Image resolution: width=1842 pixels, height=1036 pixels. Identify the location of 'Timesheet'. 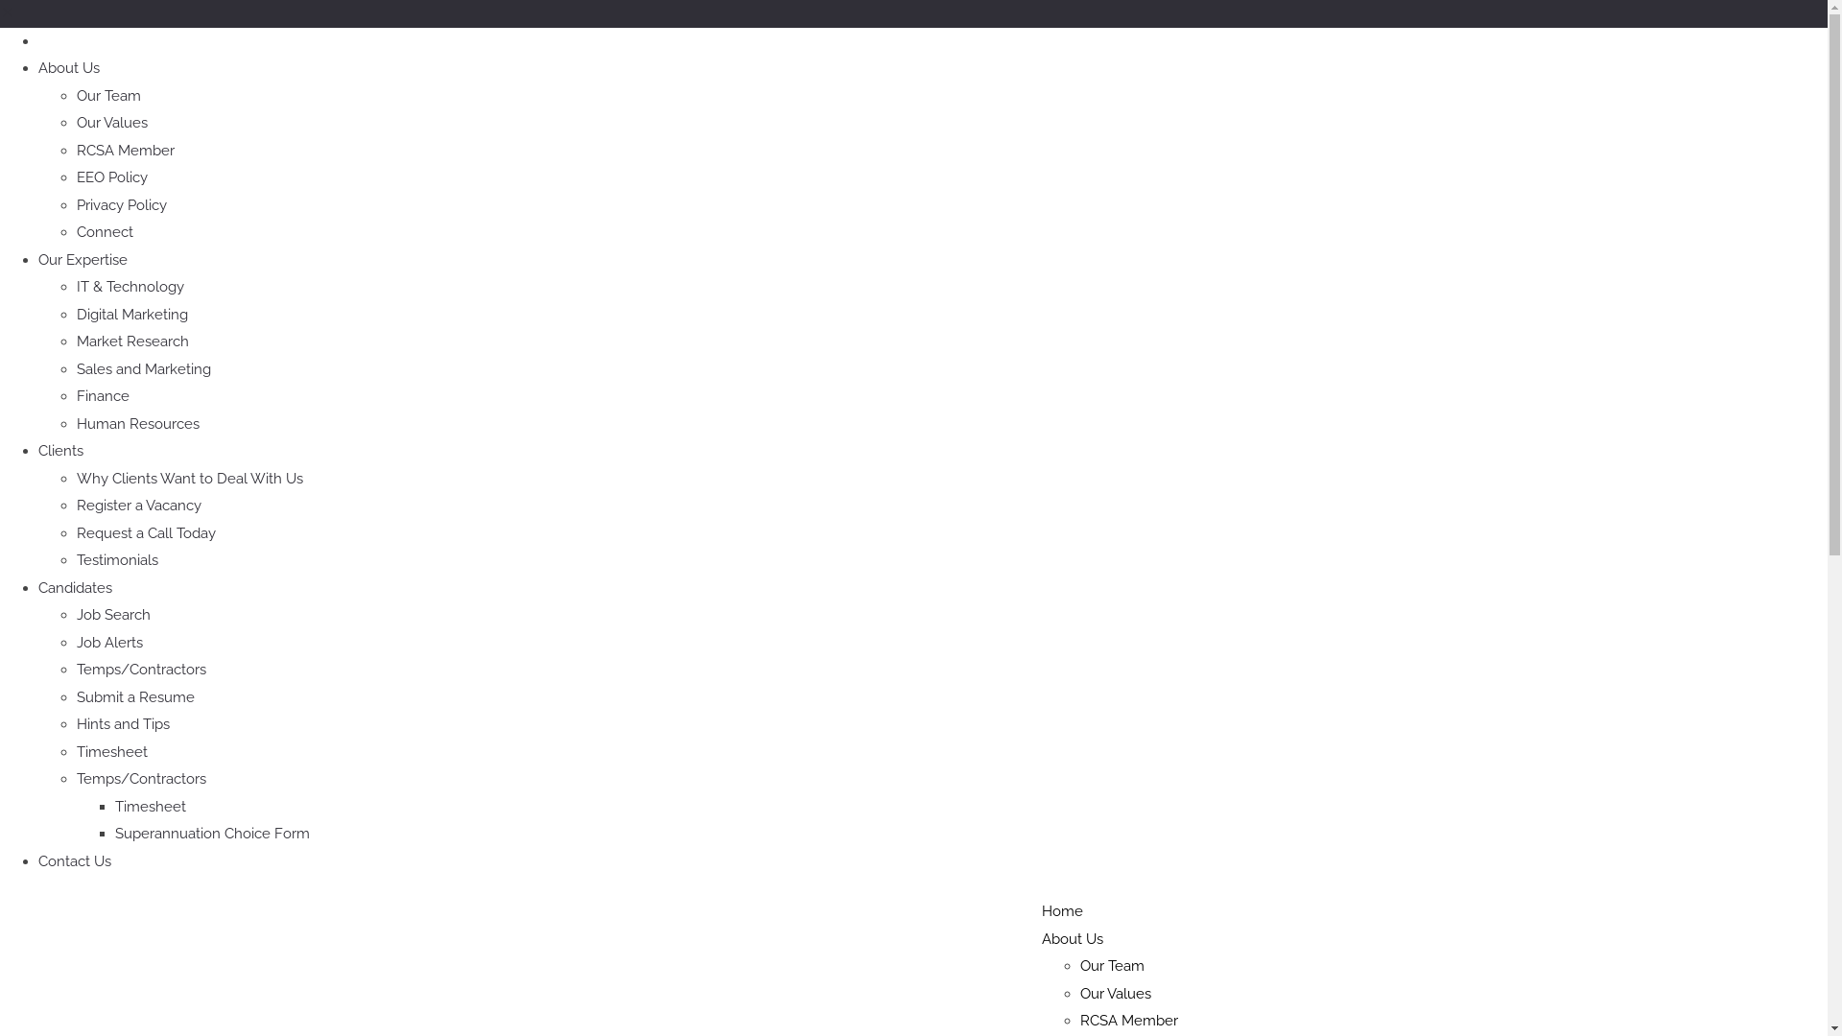
(110, 750).